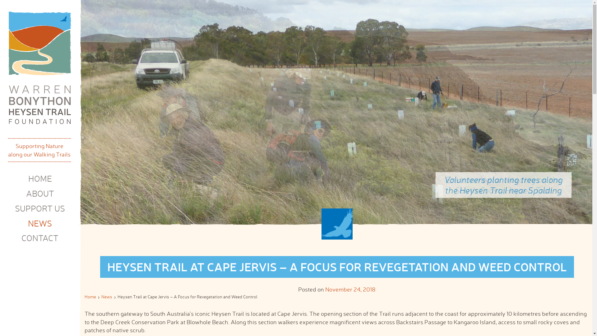  I want to click on 'November 24, 2018', so click(325, 289).